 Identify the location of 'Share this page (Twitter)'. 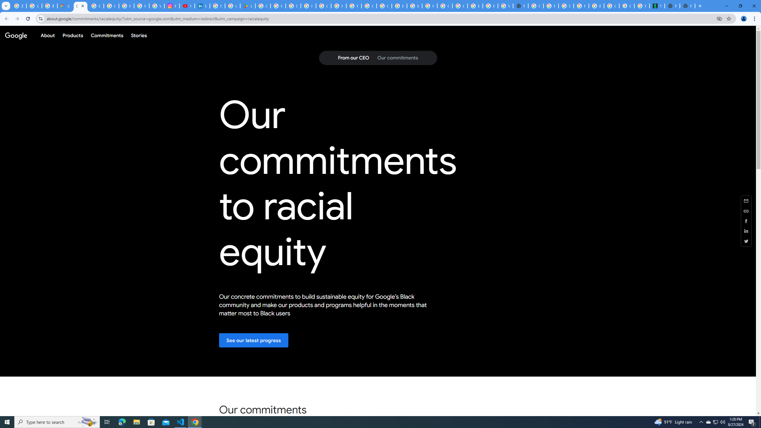
(746, 241).